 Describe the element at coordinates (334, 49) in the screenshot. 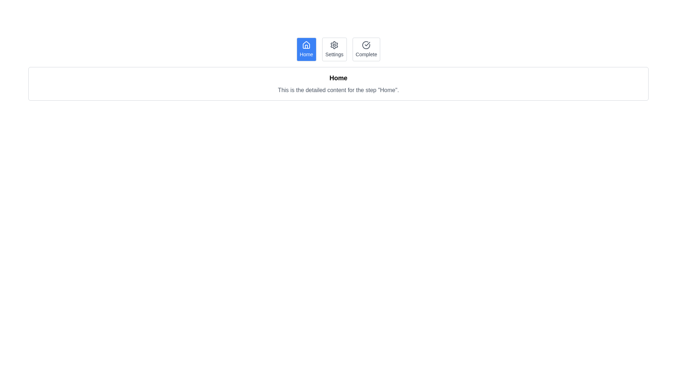

I see `the 'Settings' button, which is the second button in a horizontal group of three buttons` at that location.